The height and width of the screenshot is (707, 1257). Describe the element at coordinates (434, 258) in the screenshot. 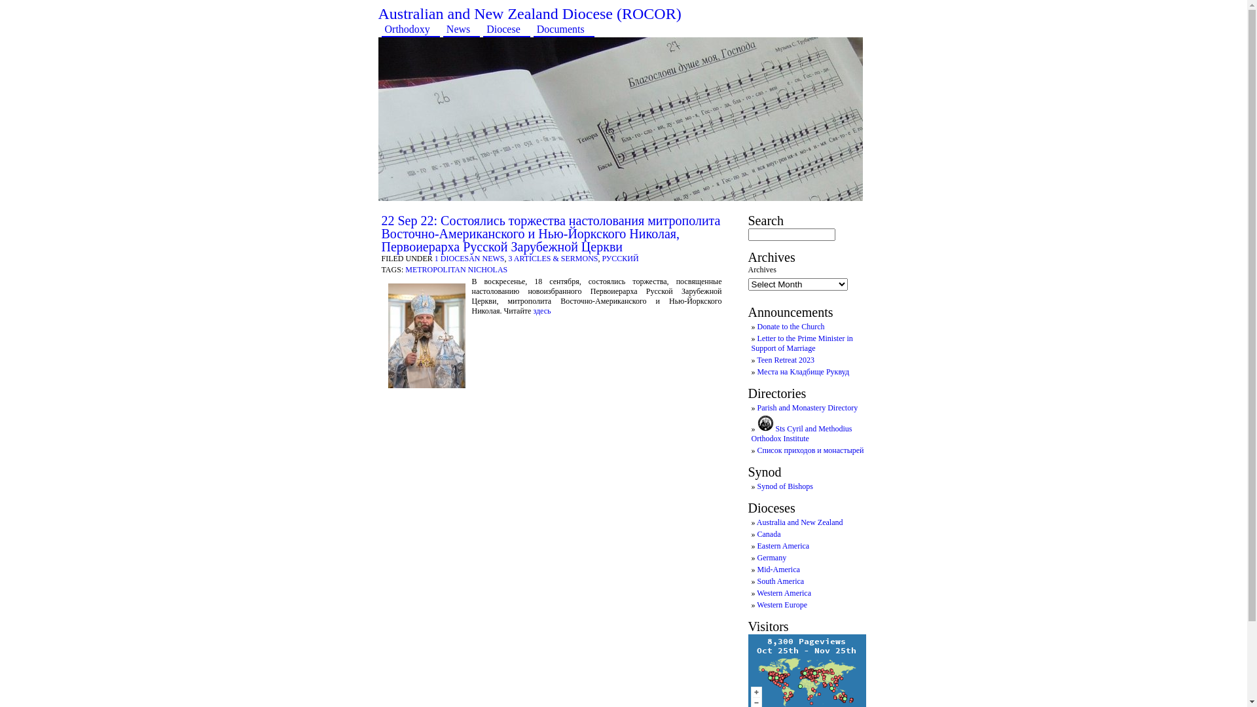

I see `'1 DIOCESAN NEWS'` at that location.